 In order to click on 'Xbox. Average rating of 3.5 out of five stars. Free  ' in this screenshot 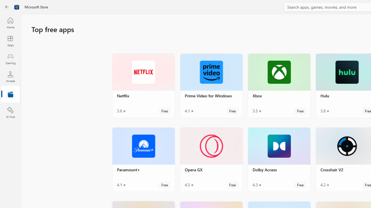, I will do `click(279, 86)`.